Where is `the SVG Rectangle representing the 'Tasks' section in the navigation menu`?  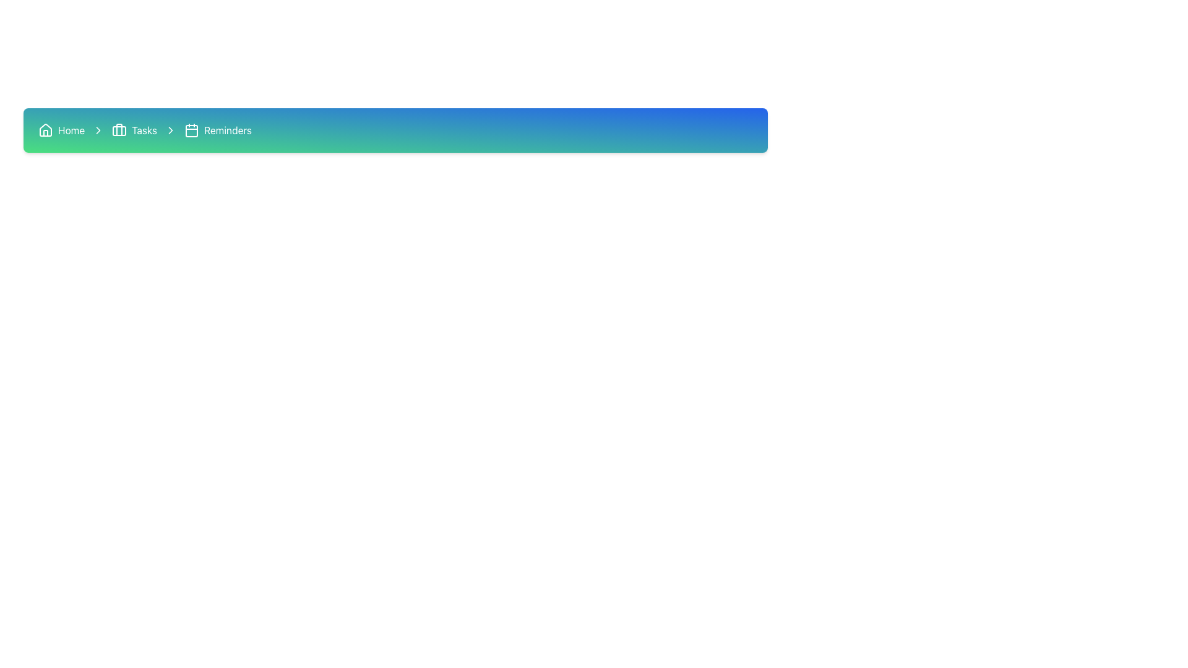
the SVG Rectangle representing the 'Tasks' section in the navigation menu is located at coordinates (119, 131).